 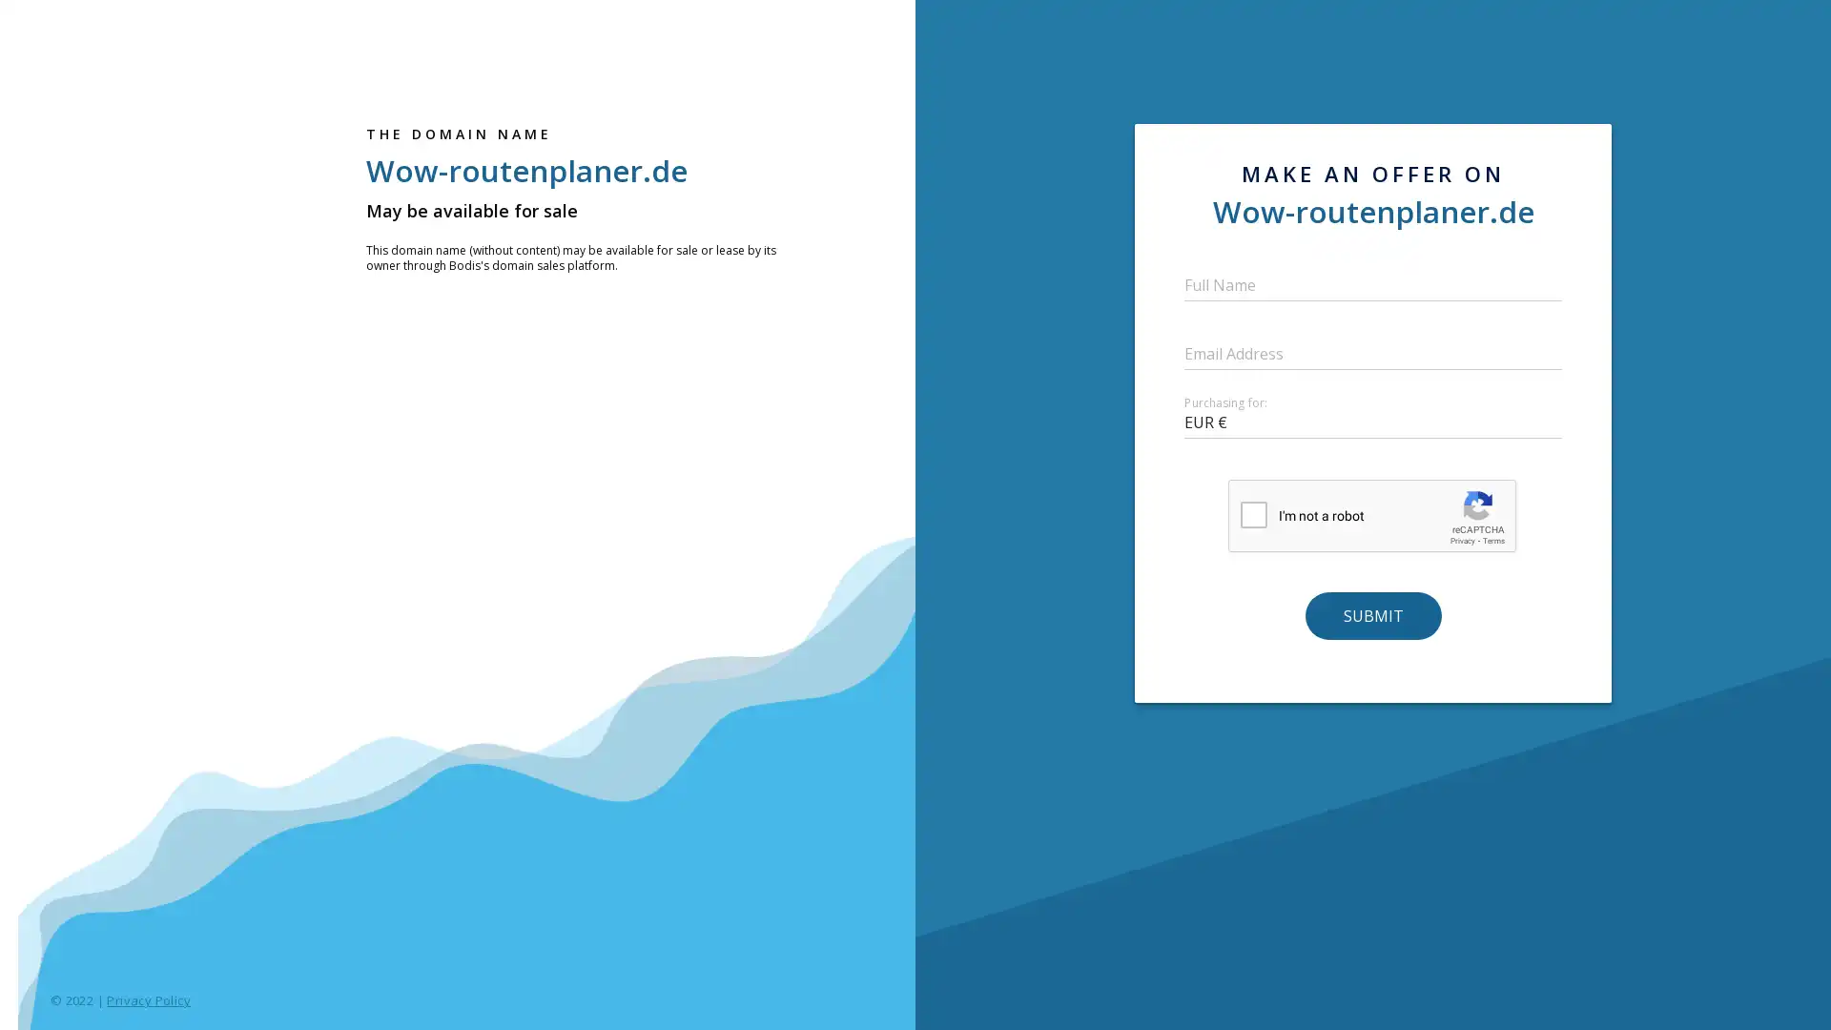 I want to click on SUBMIT, so click(x=1371, y=614).